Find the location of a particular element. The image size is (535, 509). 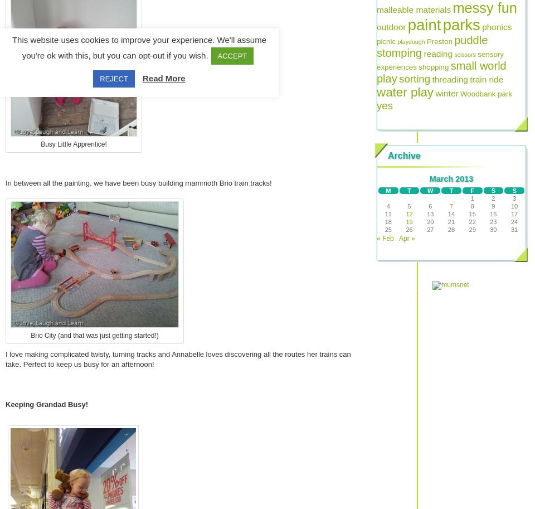

'F' is located at coordinates (471, 191).